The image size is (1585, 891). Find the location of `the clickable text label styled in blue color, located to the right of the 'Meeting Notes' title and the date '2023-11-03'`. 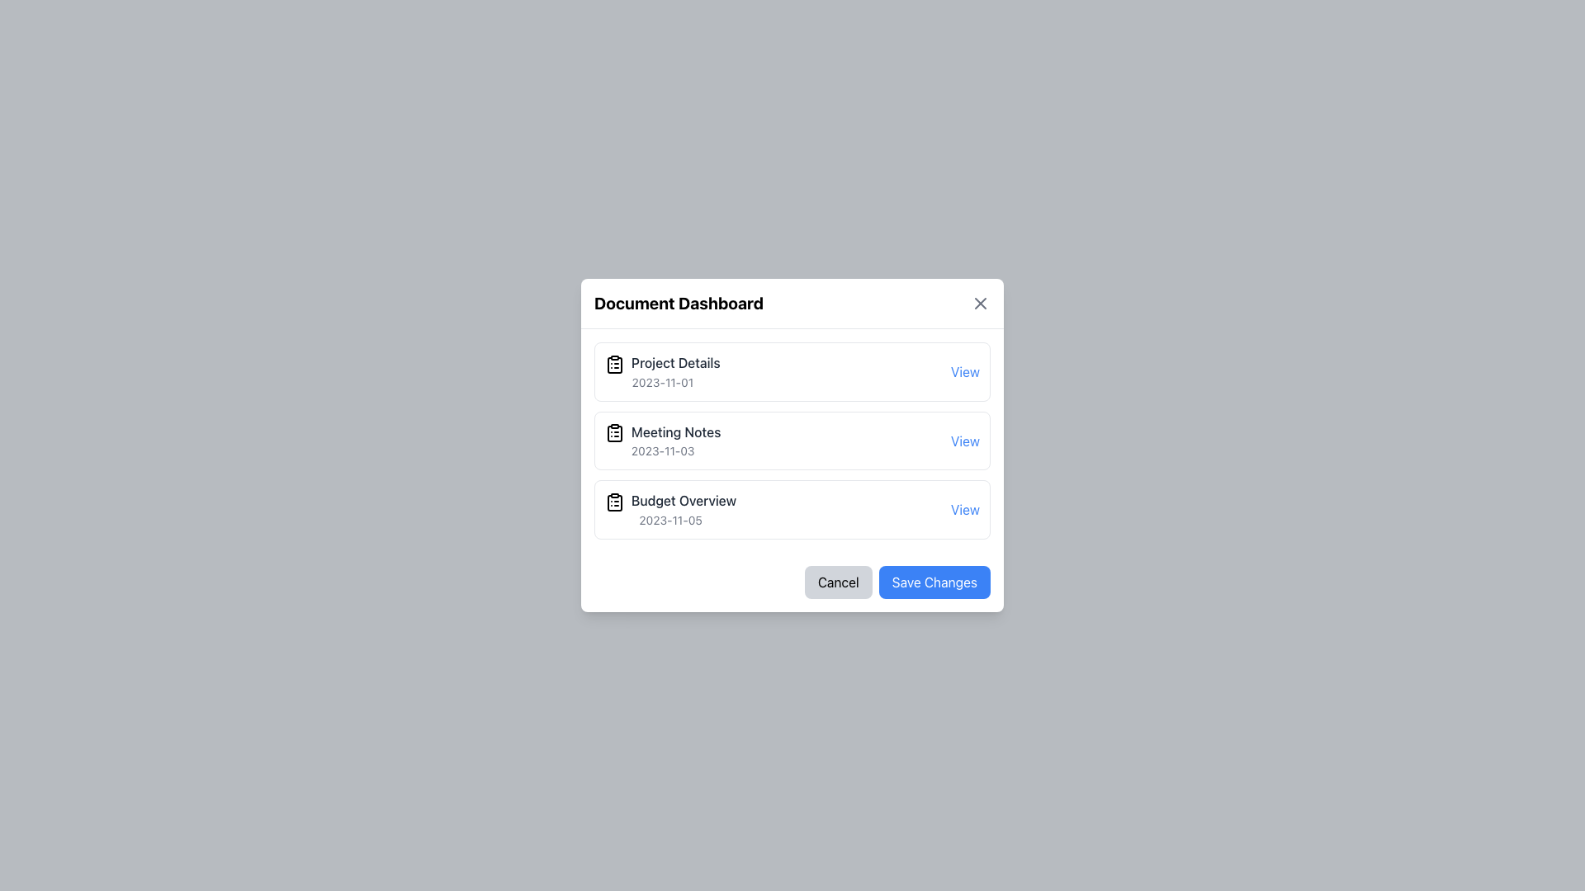

the clickable text label styled in blue color, located to the right of the 'Meeting Notes' title and the date '2023-11-03' is located at coordinates (965, 440).